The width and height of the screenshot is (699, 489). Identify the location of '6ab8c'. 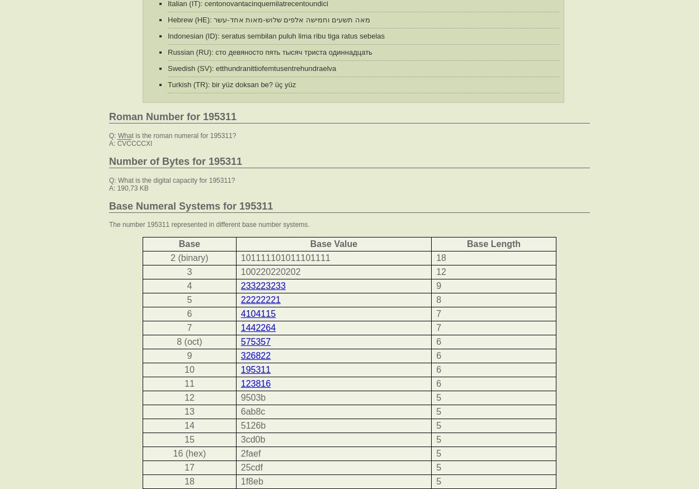
(252, 411).